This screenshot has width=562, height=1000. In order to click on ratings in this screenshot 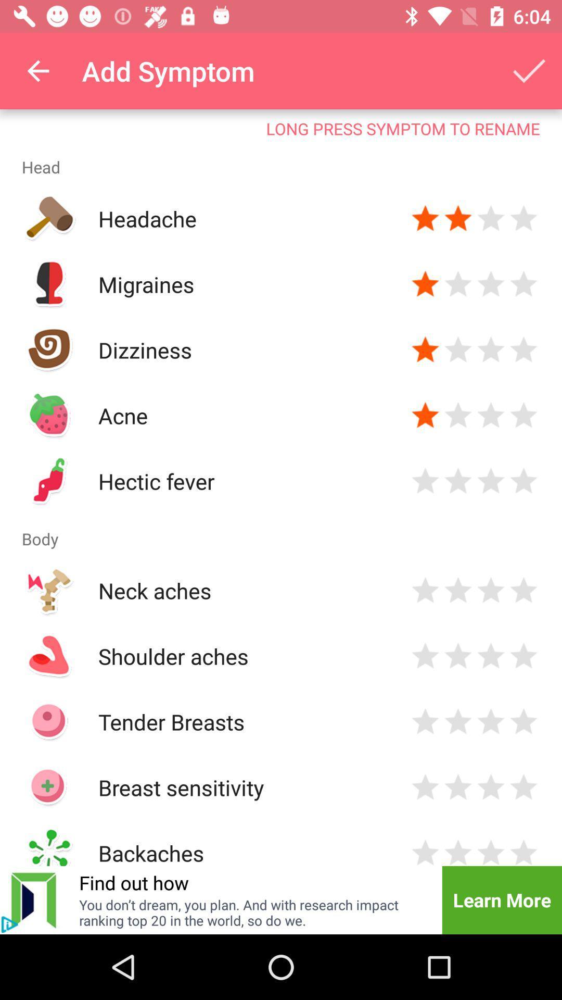, I will do `click(457, 415)`.